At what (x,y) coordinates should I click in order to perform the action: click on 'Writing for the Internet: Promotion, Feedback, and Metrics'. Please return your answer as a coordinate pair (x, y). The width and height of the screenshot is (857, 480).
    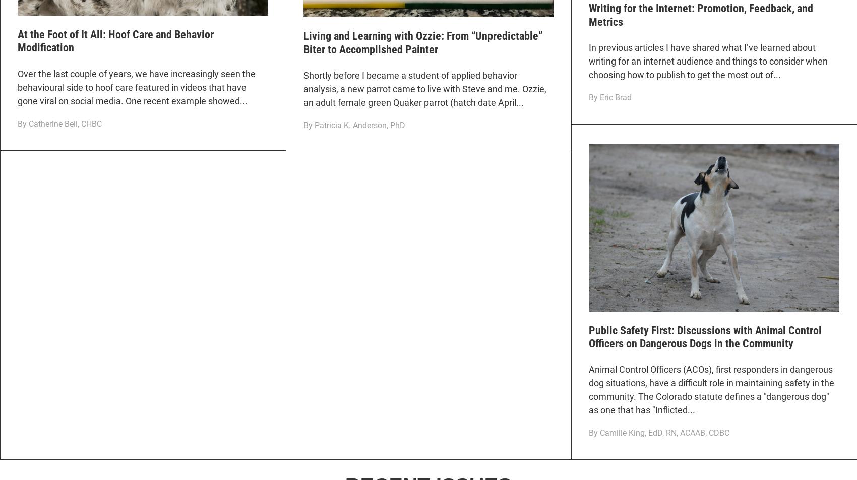
    Looking at the image, I should click on (700, 15).